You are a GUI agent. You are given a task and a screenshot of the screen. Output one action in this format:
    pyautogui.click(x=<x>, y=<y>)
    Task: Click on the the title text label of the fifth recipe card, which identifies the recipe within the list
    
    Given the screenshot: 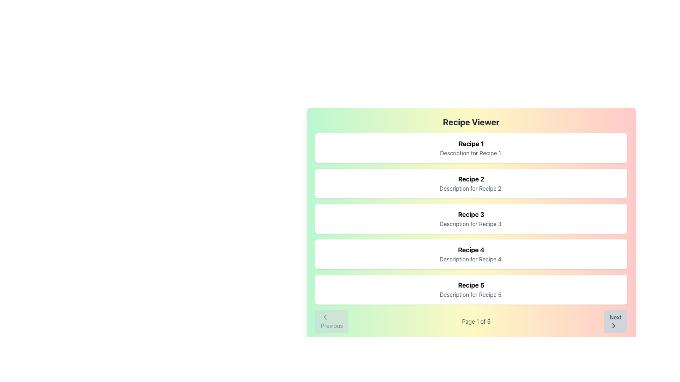 What is the action you would take?
    pyautogui.click(x=471, y=285)
    